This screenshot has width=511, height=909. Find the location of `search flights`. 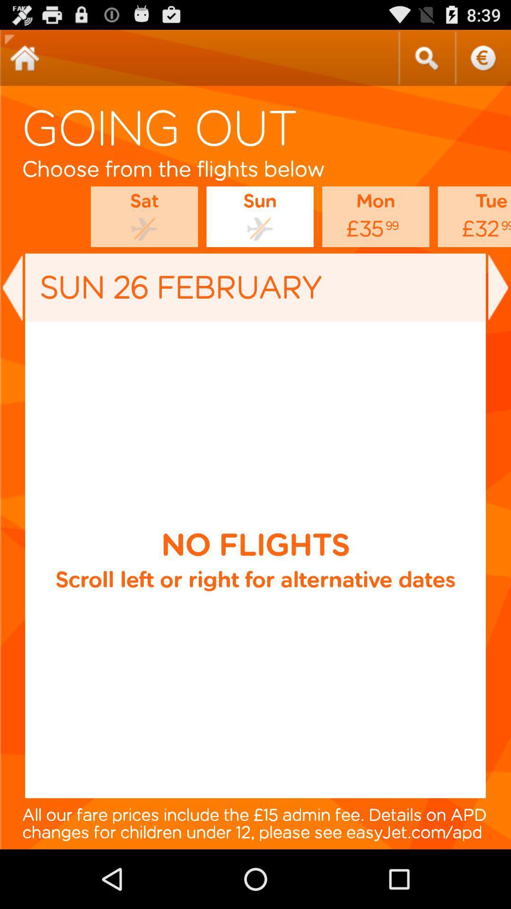

search flights is located at coordinates (426, 57).